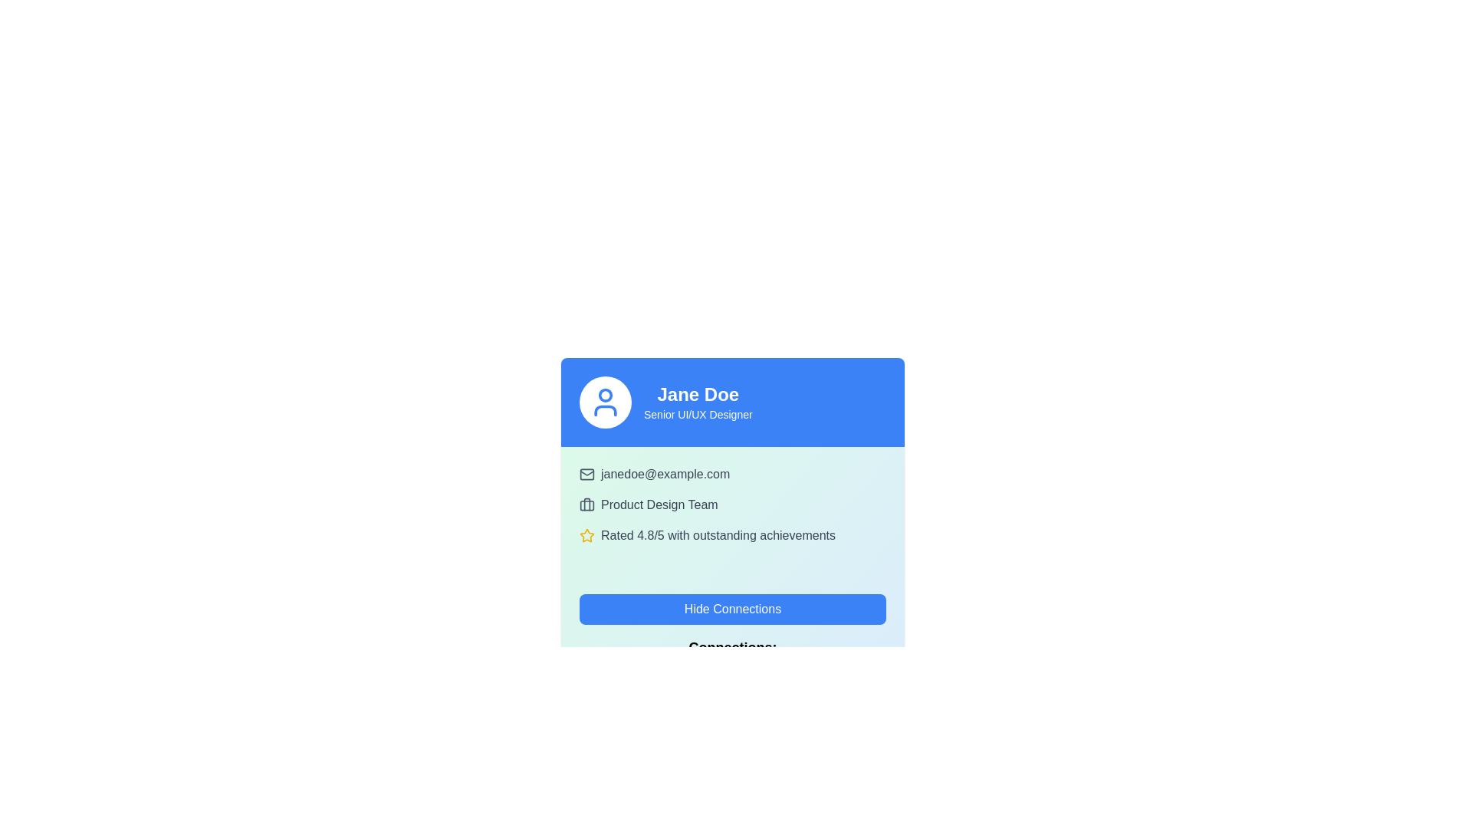 This screenshot has width=1472, height=828. I want to click on the 'Connections:' label, which is a bold text element positioned beneath the 'Hide Connections' button and serves as a heading for user details, so click(731, 647).